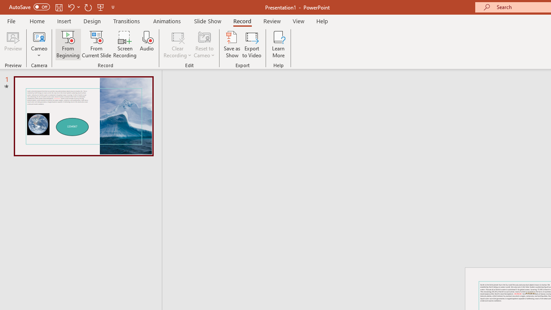 This screenshot has height=310, width=551. I want to click on 'Clear Recording', so click(177, 44).